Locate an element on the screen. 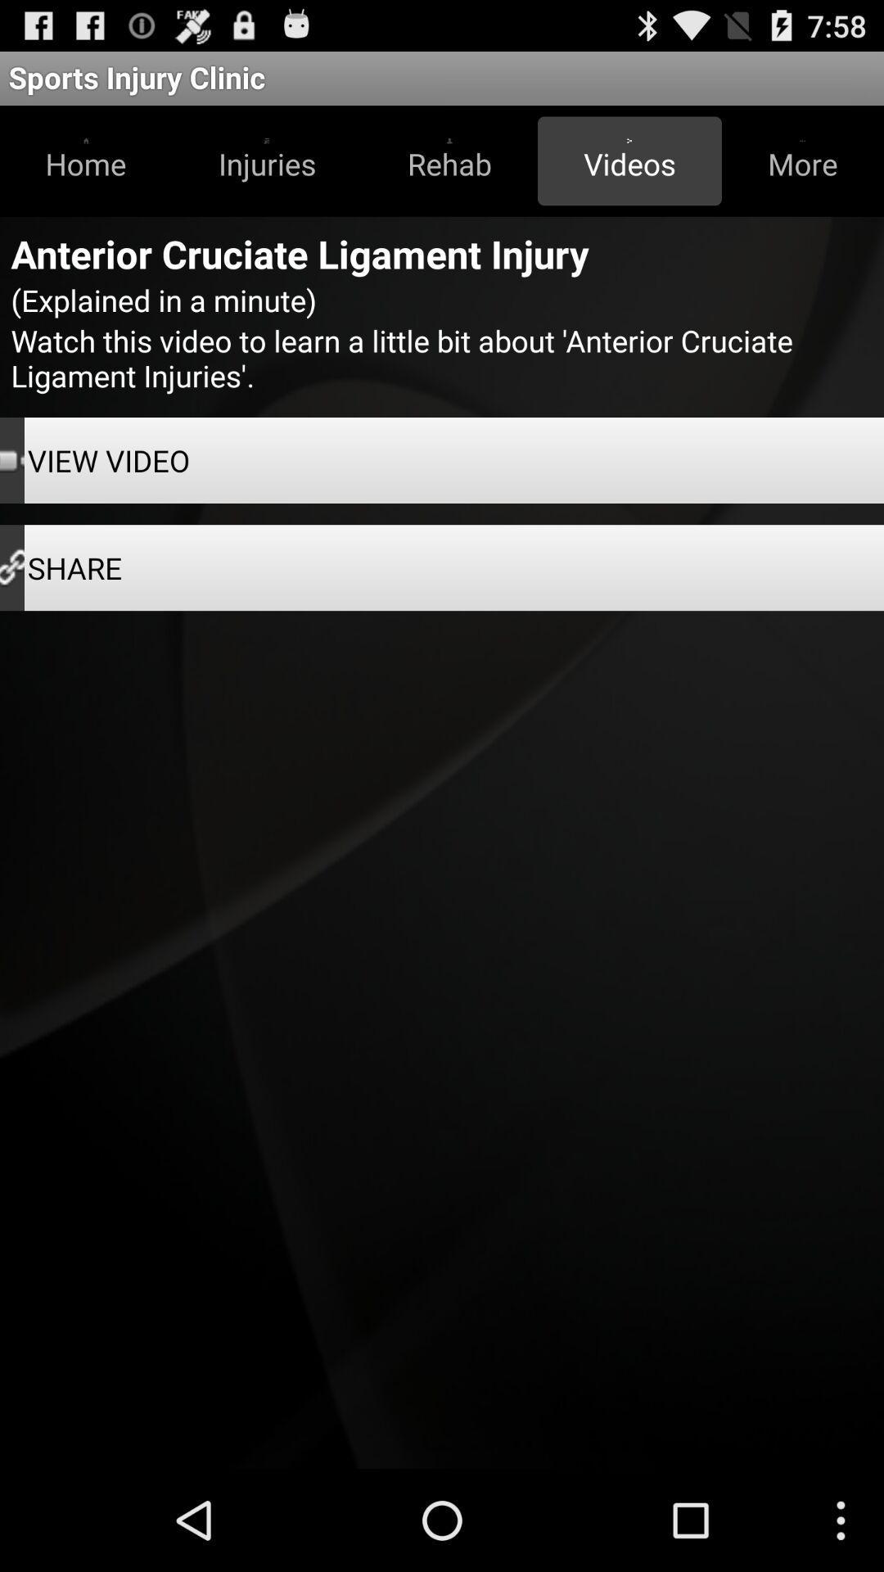 The height and width of the screenshot is (1572, 884). button next to more item is located at coordinates (629, 160).